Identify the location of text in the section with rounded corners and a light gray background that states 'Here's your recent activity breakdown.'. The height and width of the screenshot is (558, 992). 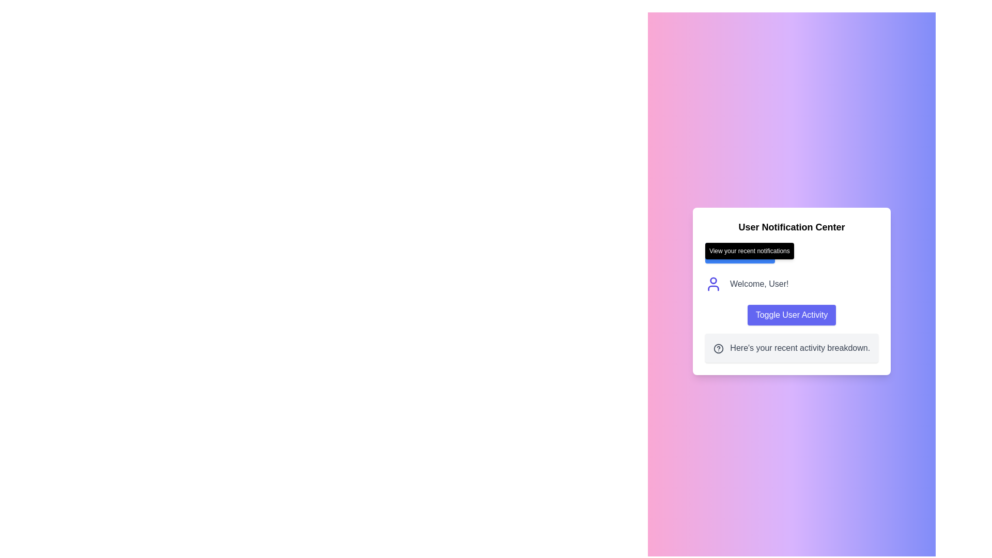
(791, 348).